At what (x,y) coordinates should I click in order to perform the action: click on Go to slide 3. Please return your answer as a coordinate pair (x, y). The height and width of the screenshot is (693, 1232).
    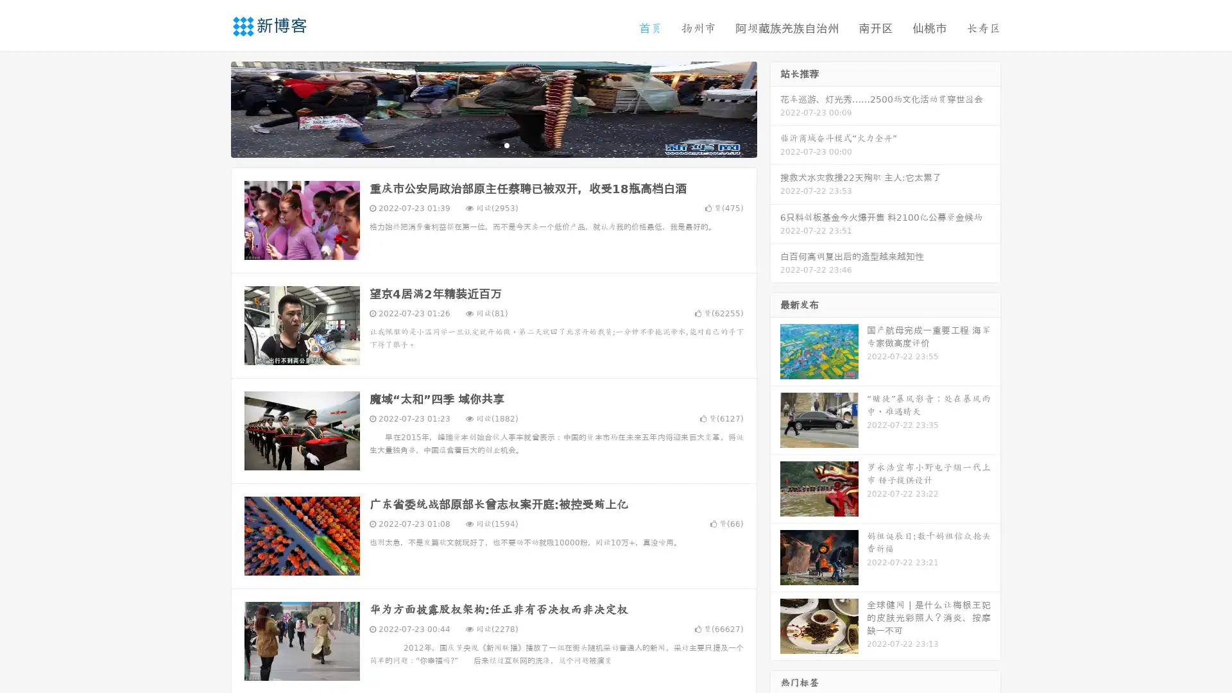
    Looking at the image, I should click on (506, 144).